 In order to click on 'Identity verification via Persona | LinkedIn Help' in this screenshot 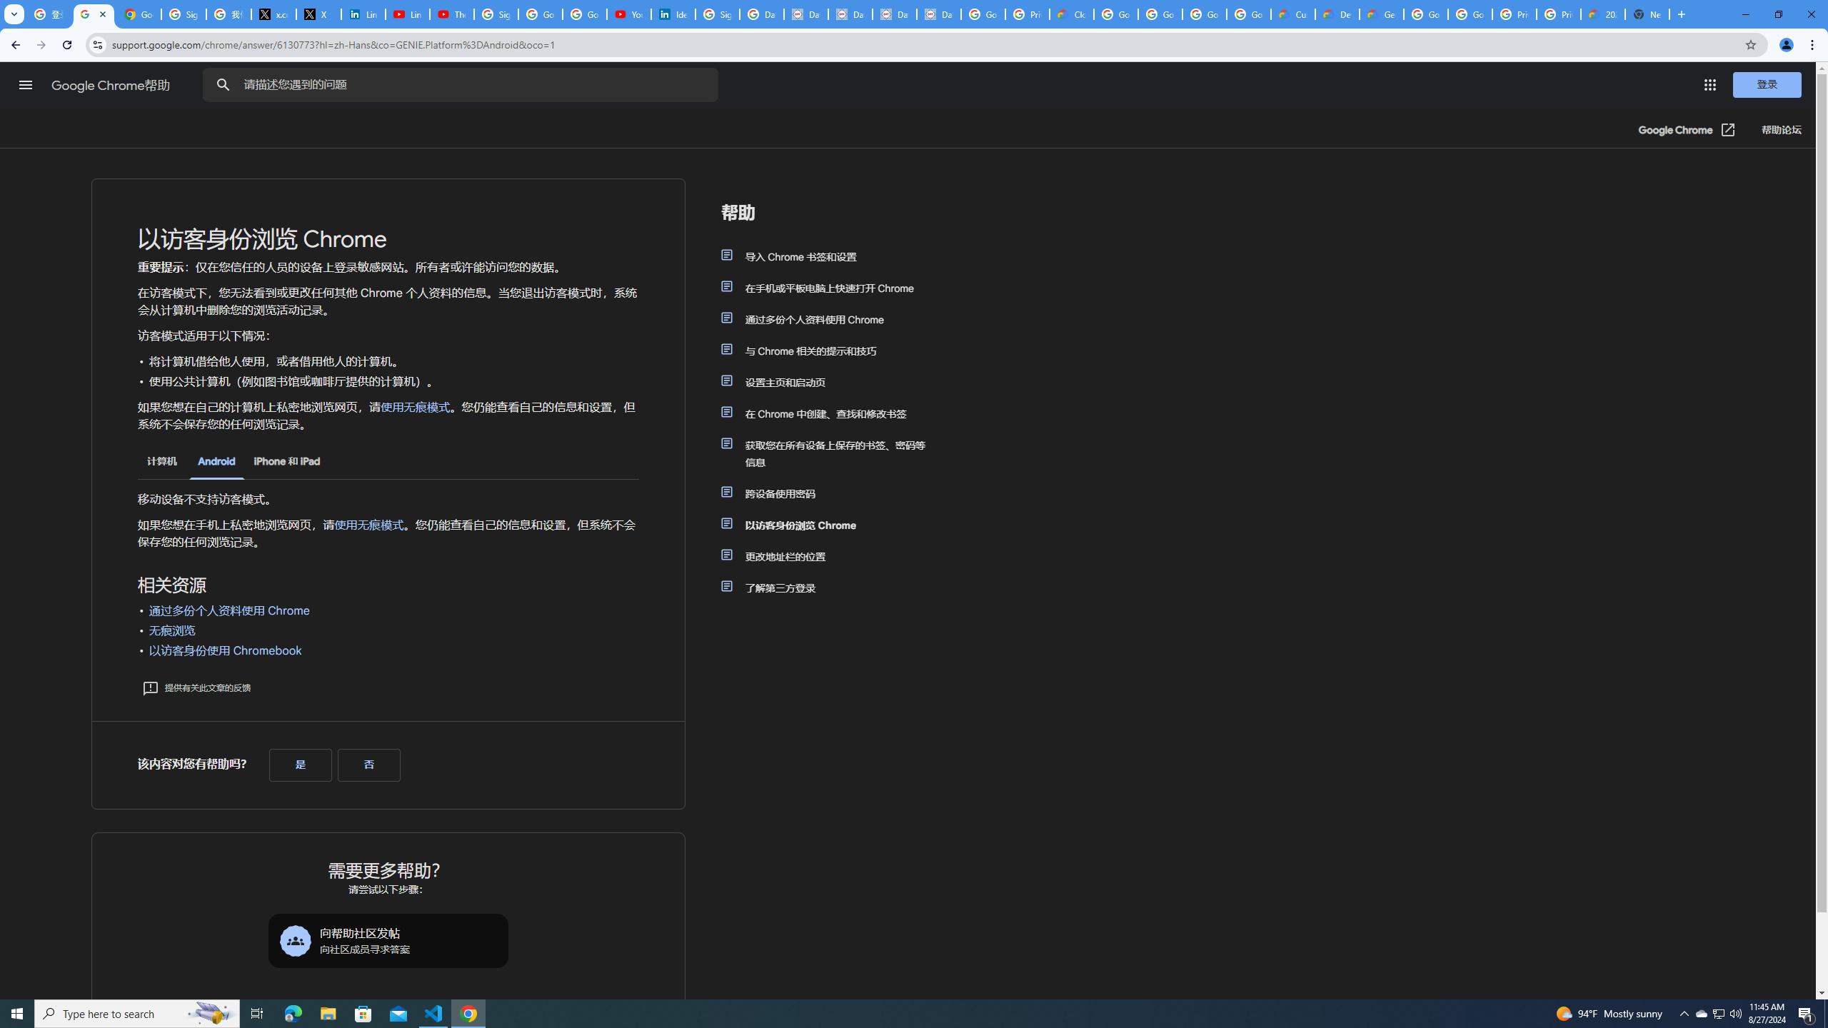, I will do `click(673, 14)`.